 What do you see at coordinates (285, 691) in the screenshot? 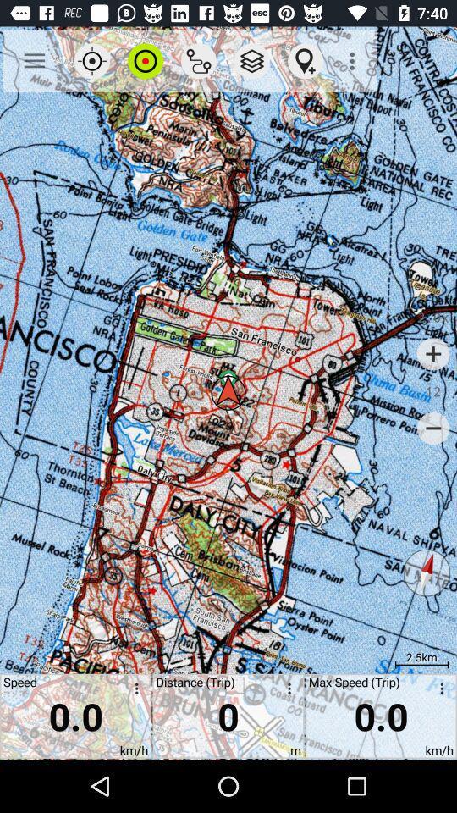
I see `more options` at bounding box center [285, 691].